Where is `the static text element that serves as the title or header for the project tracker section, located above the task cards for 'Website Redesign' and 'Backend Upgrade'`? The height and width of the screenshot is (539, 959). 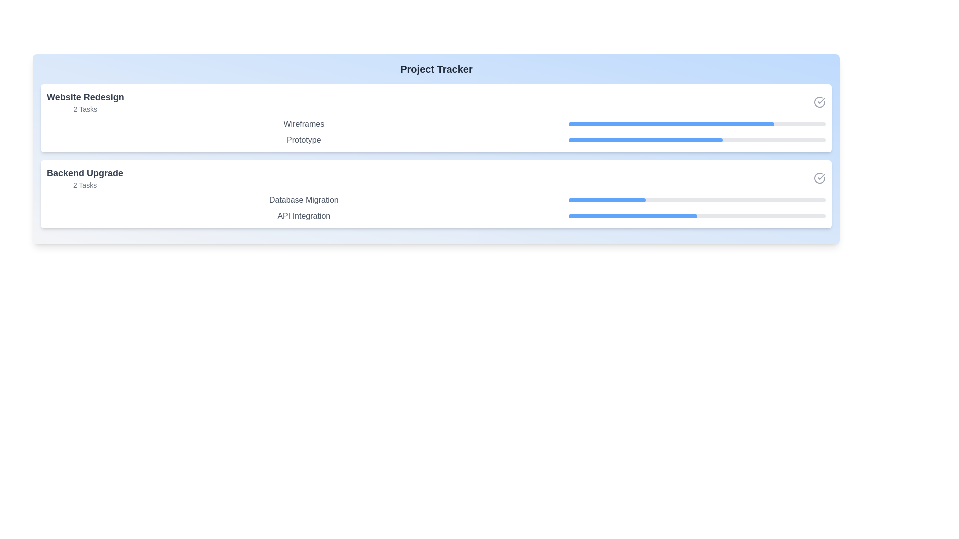 the static text element that serves as the title or header for the project tracker section, located above the task cards for 'Website Redesign' and 'Backend Upgrade' is located at coordinates (436, 68).